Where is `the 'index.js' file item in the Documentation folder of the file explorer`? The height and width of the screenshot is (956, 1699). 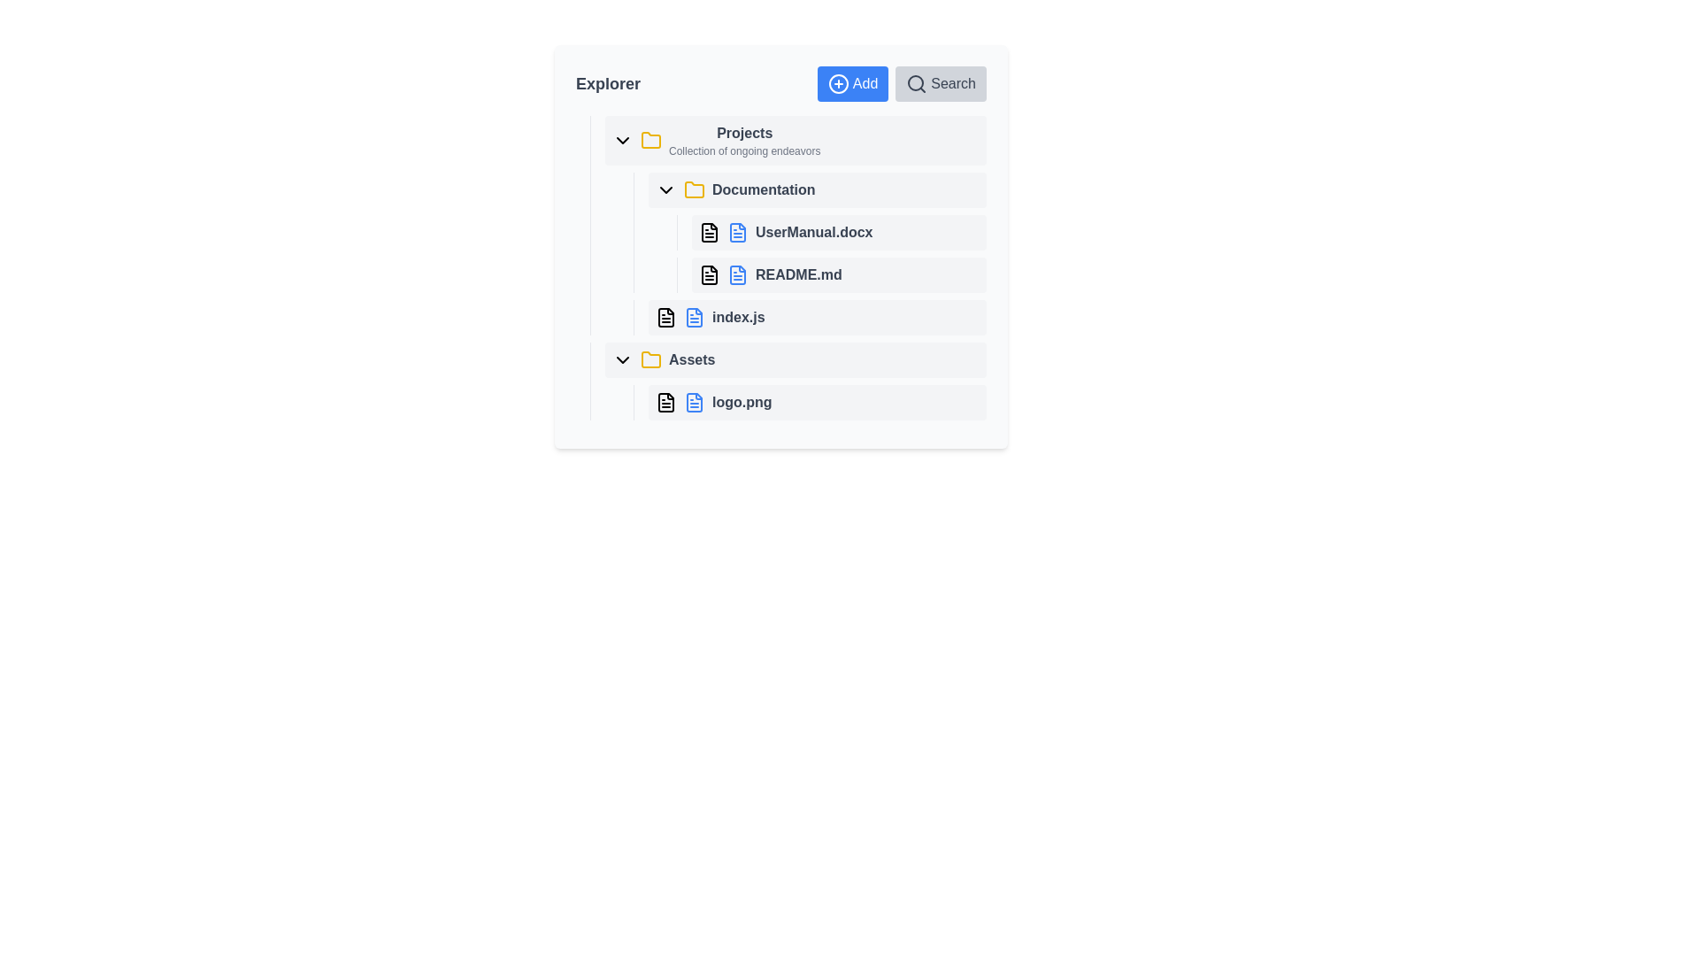
the 'index.js' file item in the Documentation folder of the file explorer is located at coordinates (738, 316).